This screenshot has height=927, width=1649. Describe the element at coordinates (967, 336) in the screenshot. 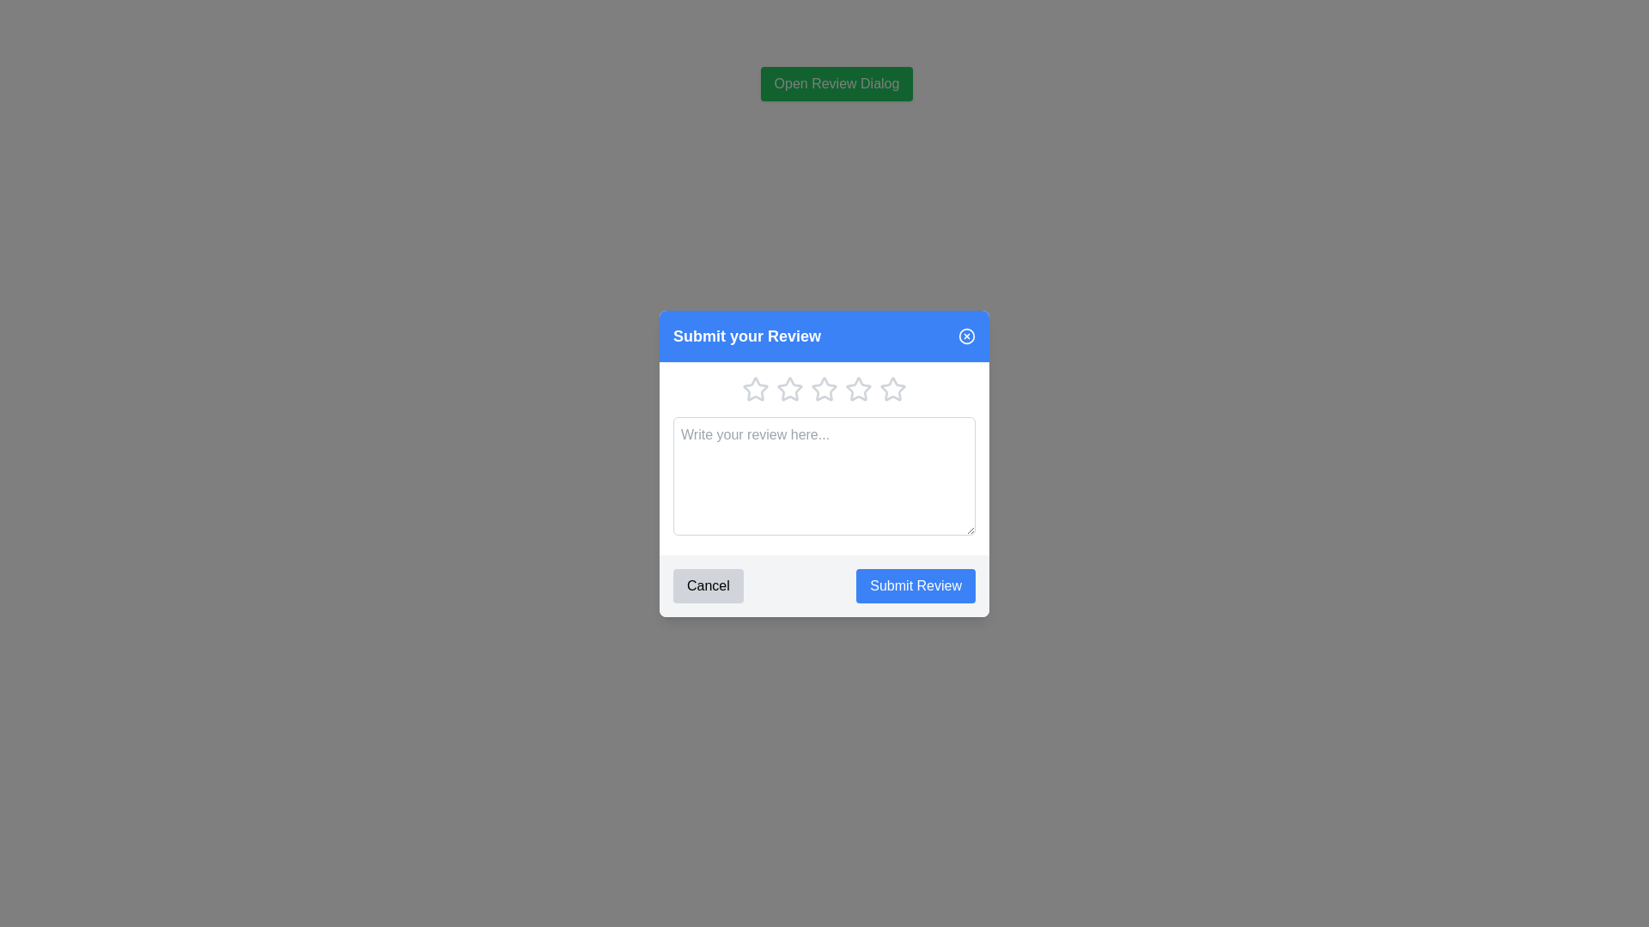

I see `the close button located in the top-right corner of the 'Submit your Review' dialog` at that location.